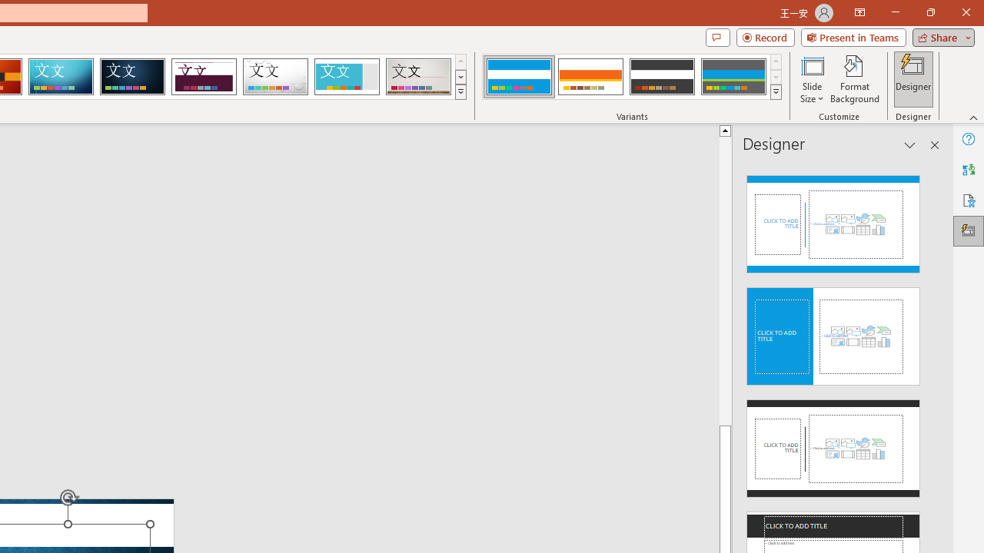 The height and width of the screenshot is (553, 984). Describe the element at coordinates (733, 77) in the screenshot. I see `'Banded Variant 4'` at that location.